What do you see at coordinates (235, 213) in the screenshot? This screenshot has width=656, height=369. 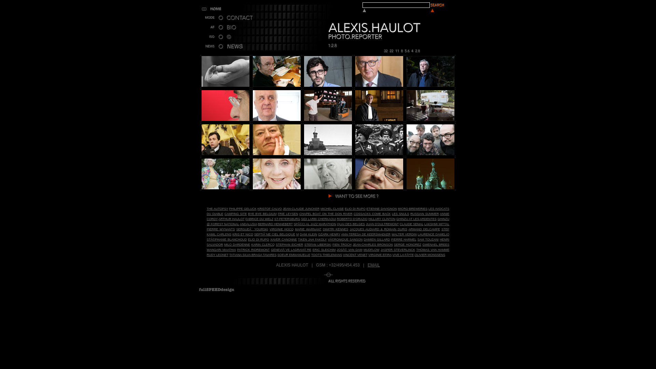 I see `'CAMPING SITE'` at bounding box center [235, 213].